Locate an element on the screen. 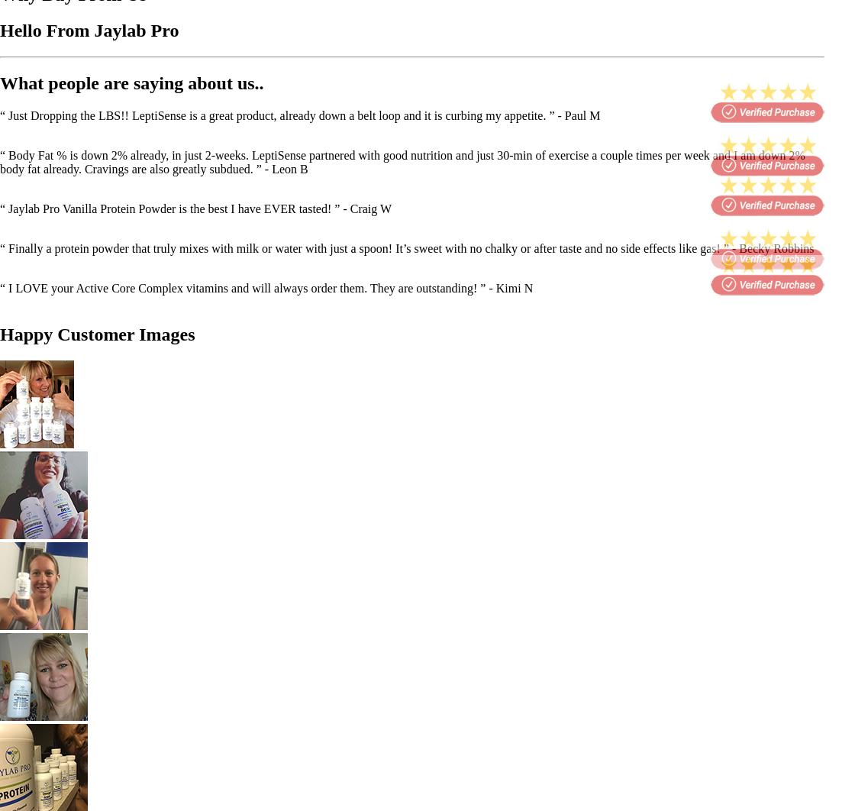 The height and width of the screenshot is (811, 855). '- Leon B' is located at coordinates (286, 168).